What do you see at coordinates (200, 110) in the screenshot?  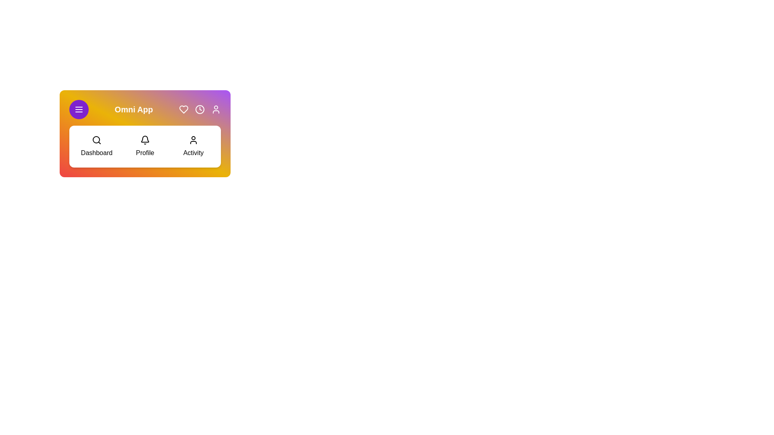 I see `the 'Clock' icon in the top-right corner of the StylishAppBar` at bounding box center [200, 110].